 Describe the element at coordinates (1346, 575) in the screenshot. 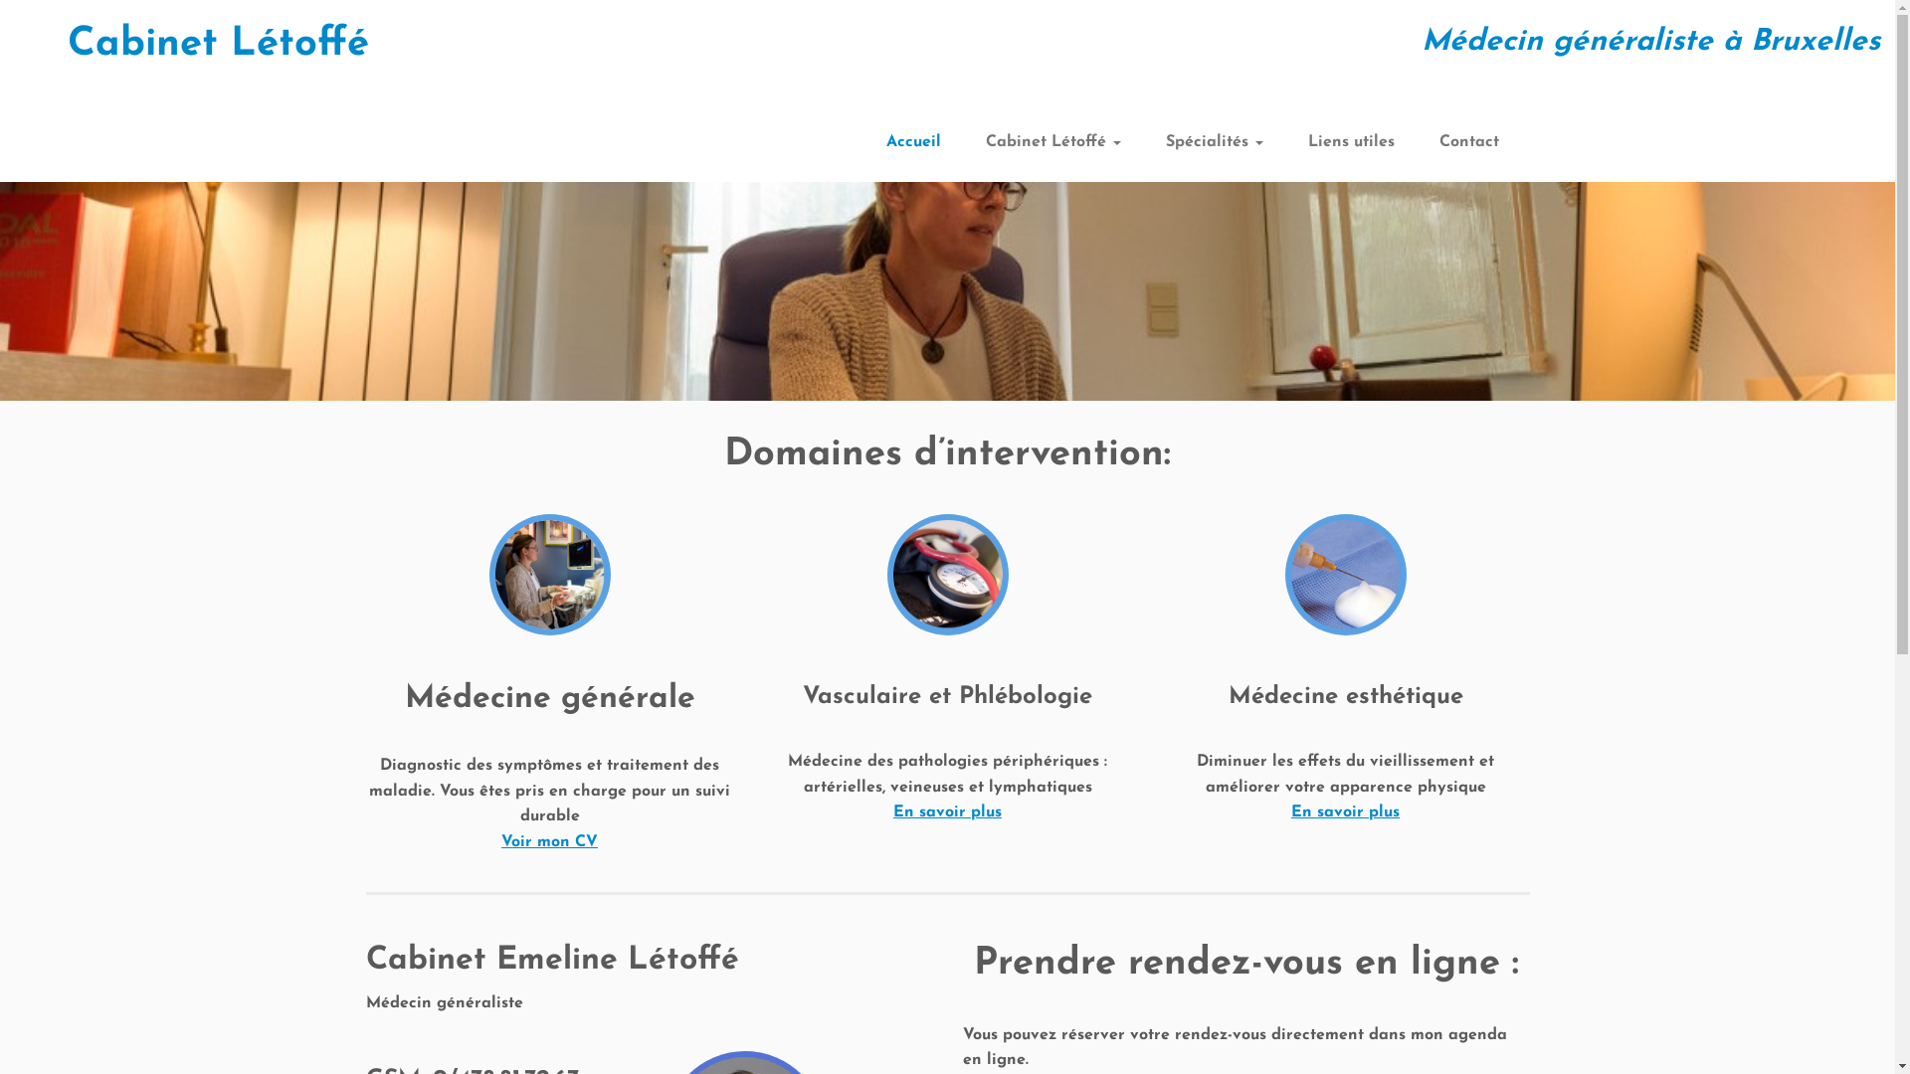

I see `'picto5'` at that location.